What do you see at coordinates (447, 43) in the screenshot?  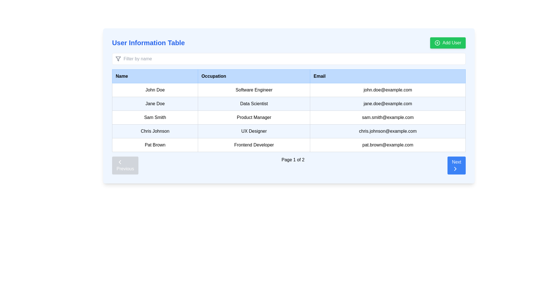 I see `the 'Add User' button with a green background and white text to trigger the color change effect` at bounding box center [447, 43].